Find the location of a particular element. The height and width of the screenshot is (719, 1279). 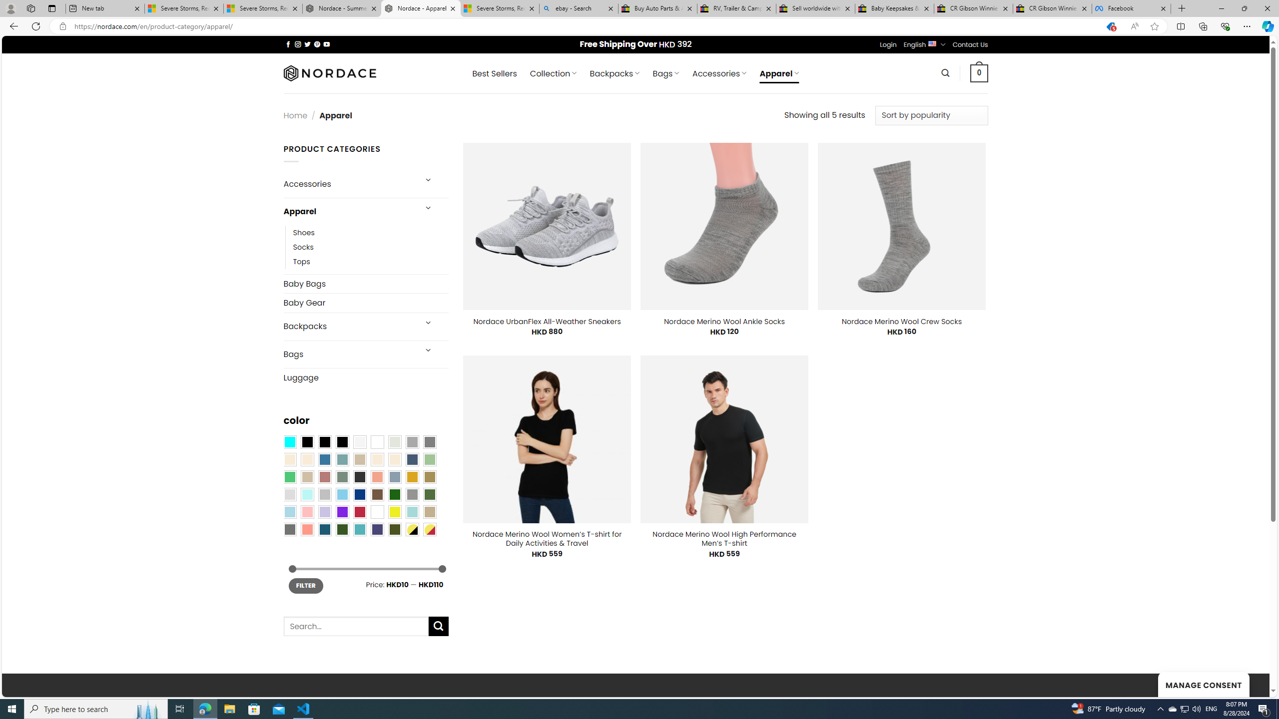

'Capri Blue' is located at coordinates (324, 528).